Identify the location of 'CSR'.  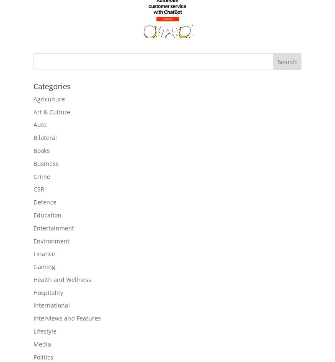
(39, 189).